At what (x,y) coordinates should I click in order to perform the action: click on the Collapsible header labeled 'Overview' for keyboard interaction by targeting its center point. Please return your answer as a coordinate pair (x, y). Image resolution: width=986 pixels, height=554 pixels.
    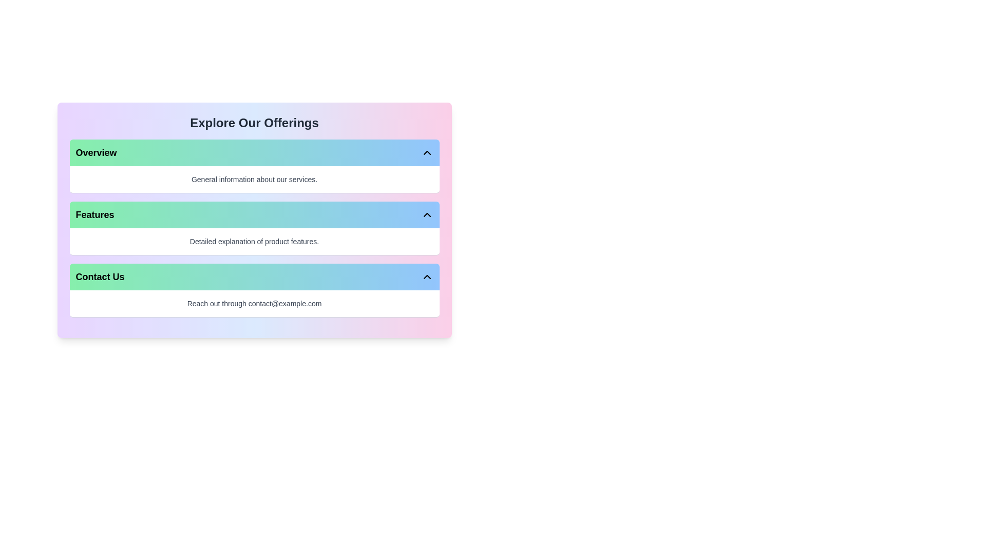
    Looking at the image, I should click on (254, 152).